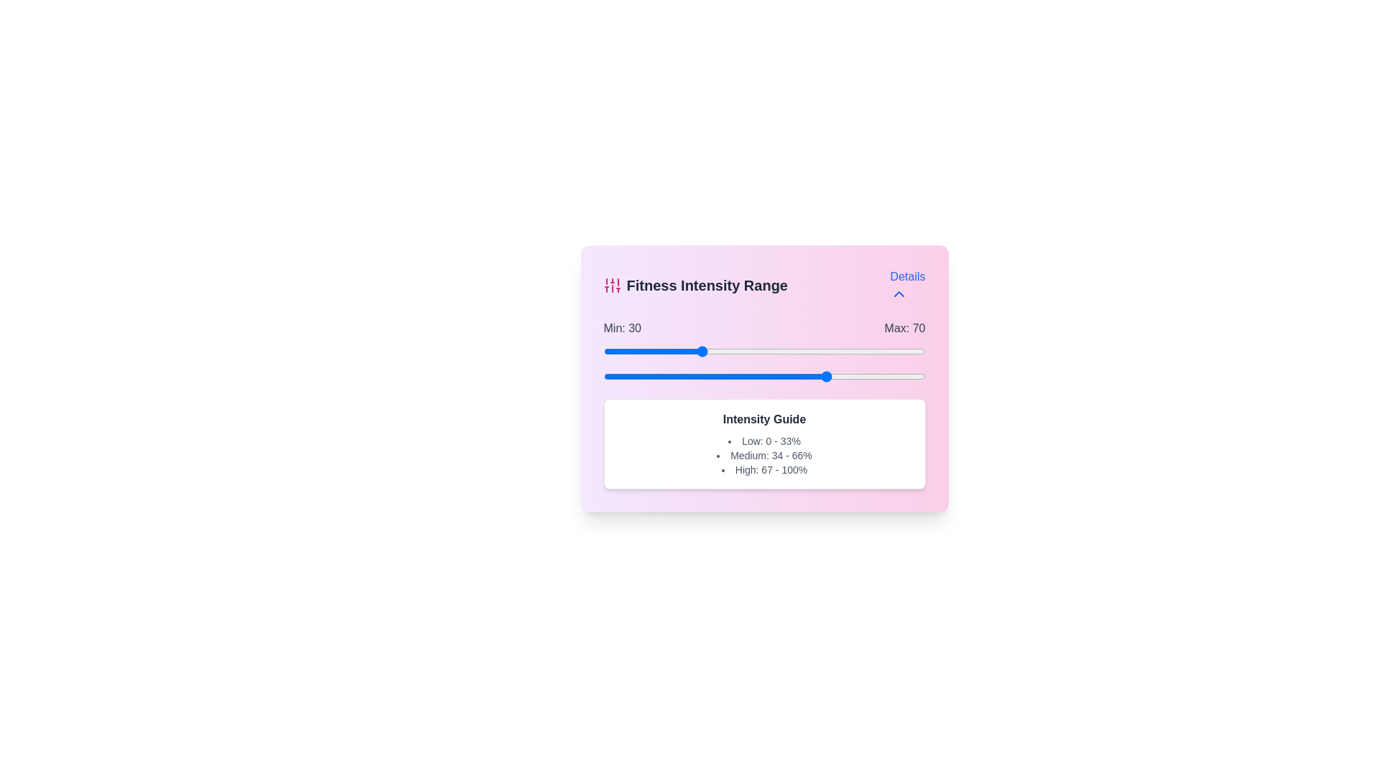 The height and width of the screenshot is (775, 1379). What do you see at coordinates (670, 351) in the screenshot?
I see `the minimum intensity slider to 21 percent` at bounding box center [670, 351].